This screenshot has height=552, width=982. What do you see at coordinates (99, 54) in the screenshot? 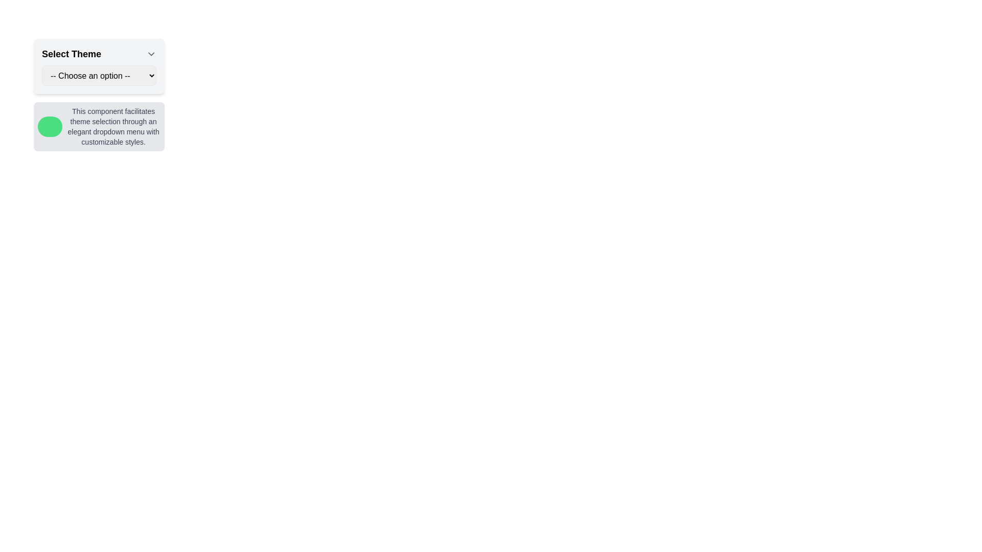
I see `the 'Select Theme' text label with a downward-pointing chevron icon, which suggests a dropdown menu` at bounding box center [99, 54].